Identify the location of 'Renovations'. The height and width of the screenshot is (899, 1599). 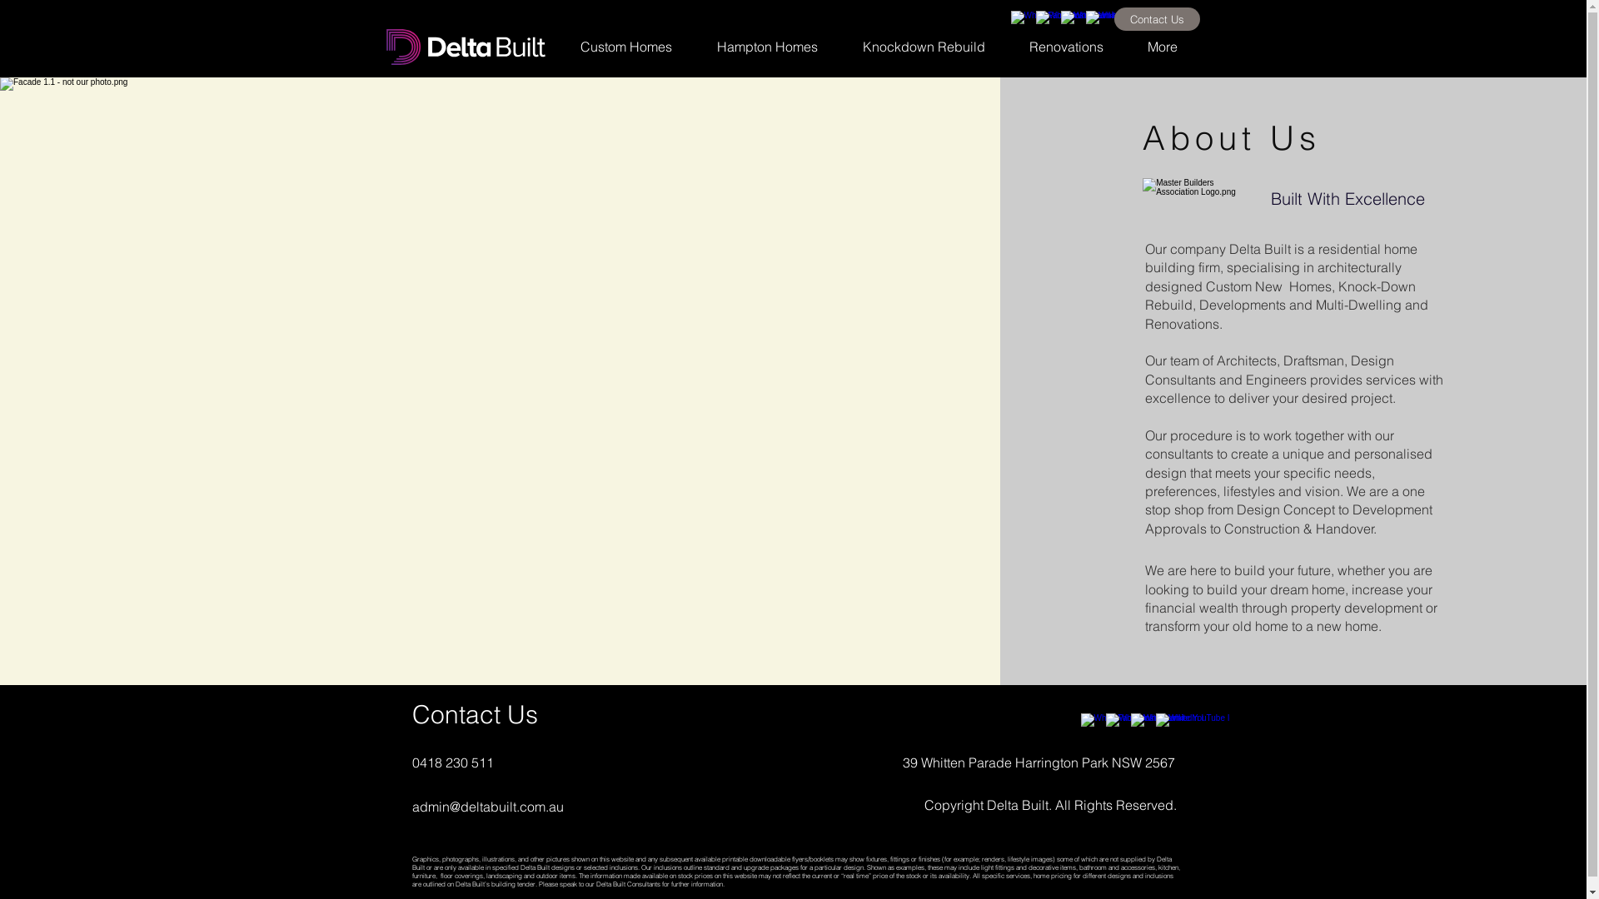
(1067, 46).